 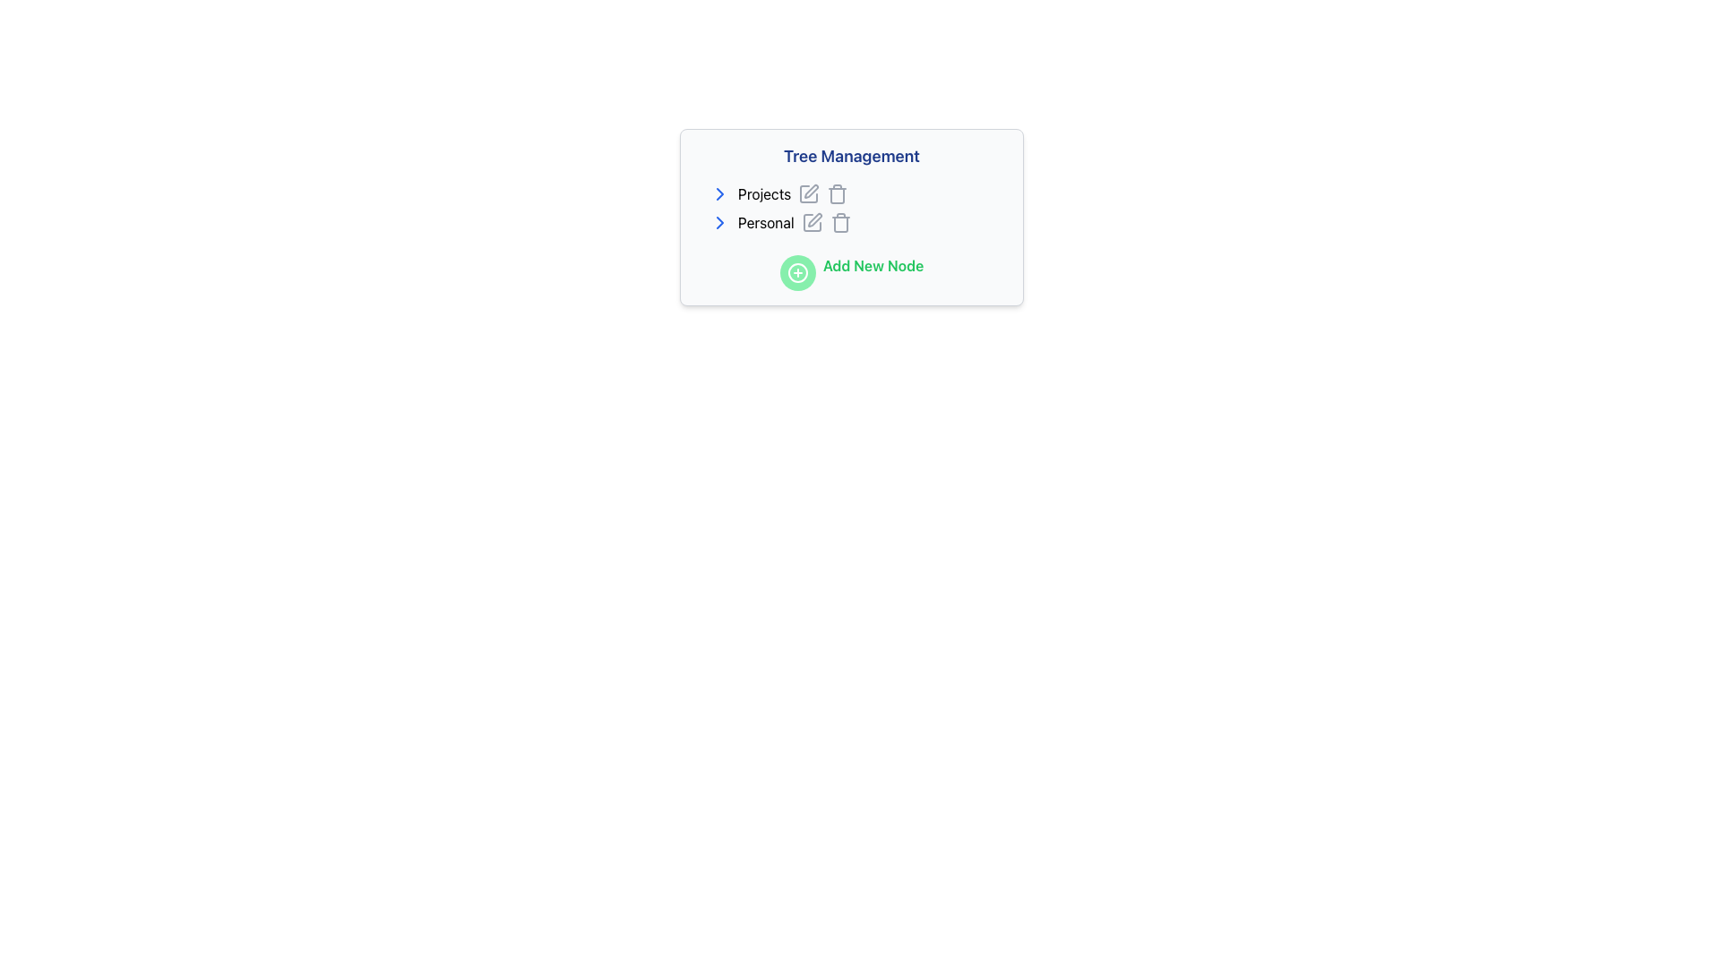 I want to click on the trash bin icon to initiate the delete action for the 'Personal' item, which is located to the far right of the item in the list, so click(x=839, y=223).